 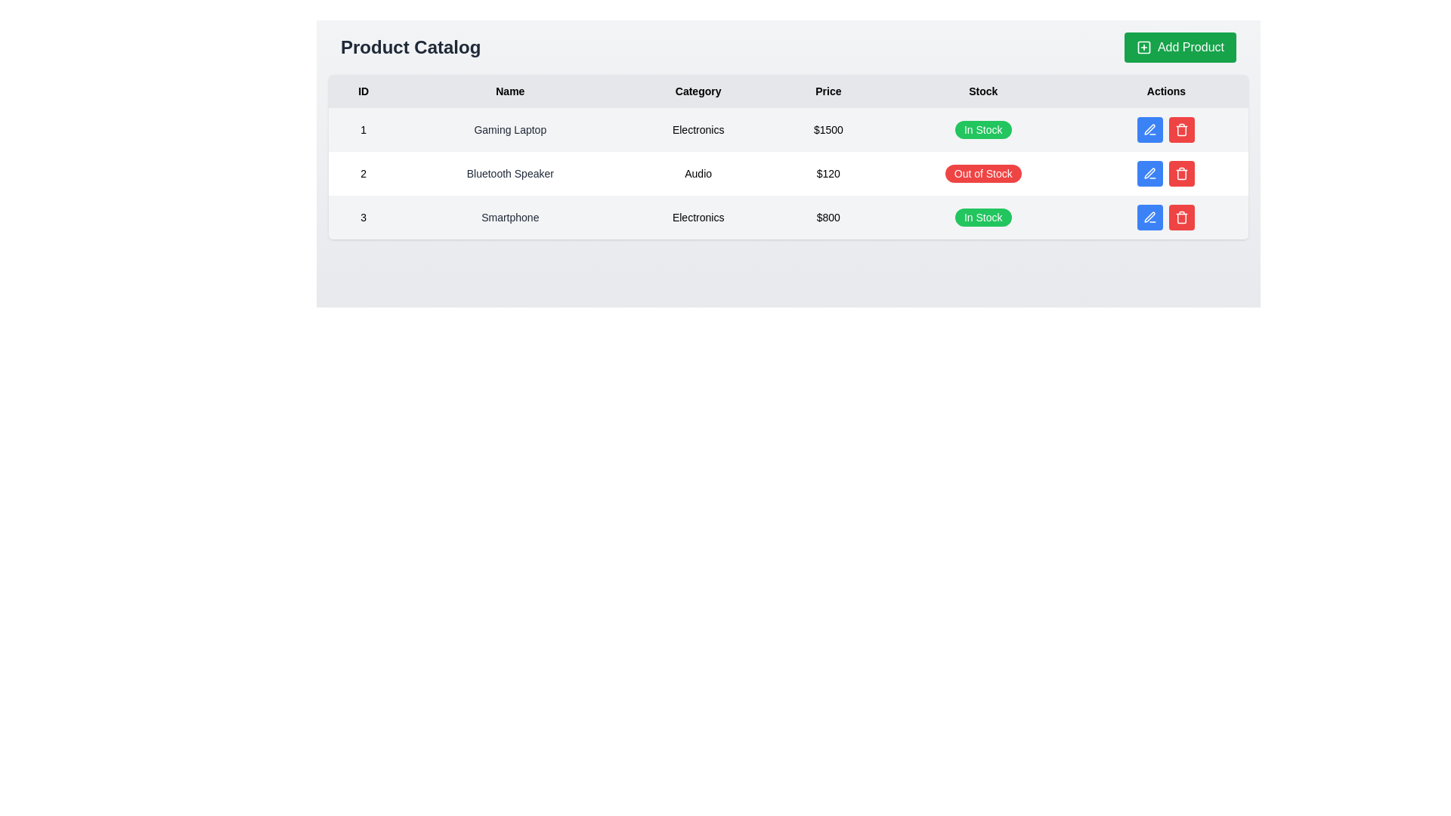 What do you see at coordinates (1149, 218) in the screenshot?
I see `the pen icon located in the third row of the 'Actions' column of the product table` at bounding box center [1149, 218].